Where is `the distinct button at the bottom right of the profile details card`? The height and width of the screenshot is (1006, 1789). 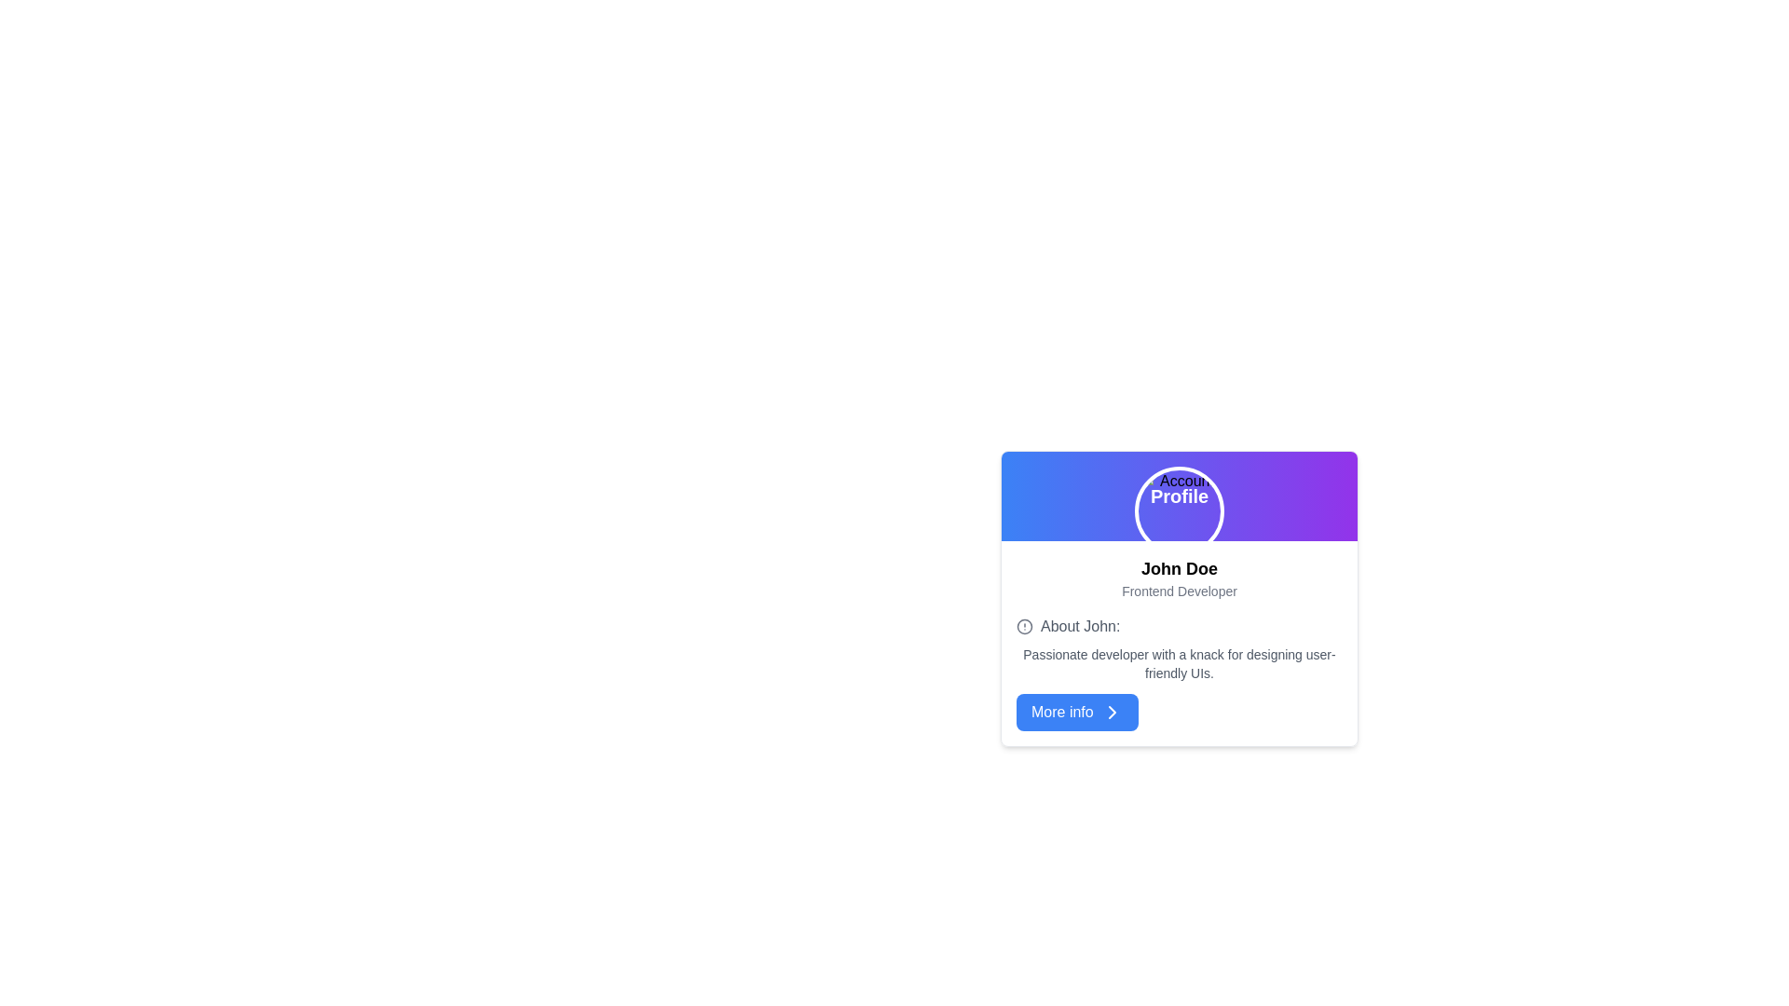 the distinct button at the bottom right of the profile details card is located at coordinates (1077, 712).